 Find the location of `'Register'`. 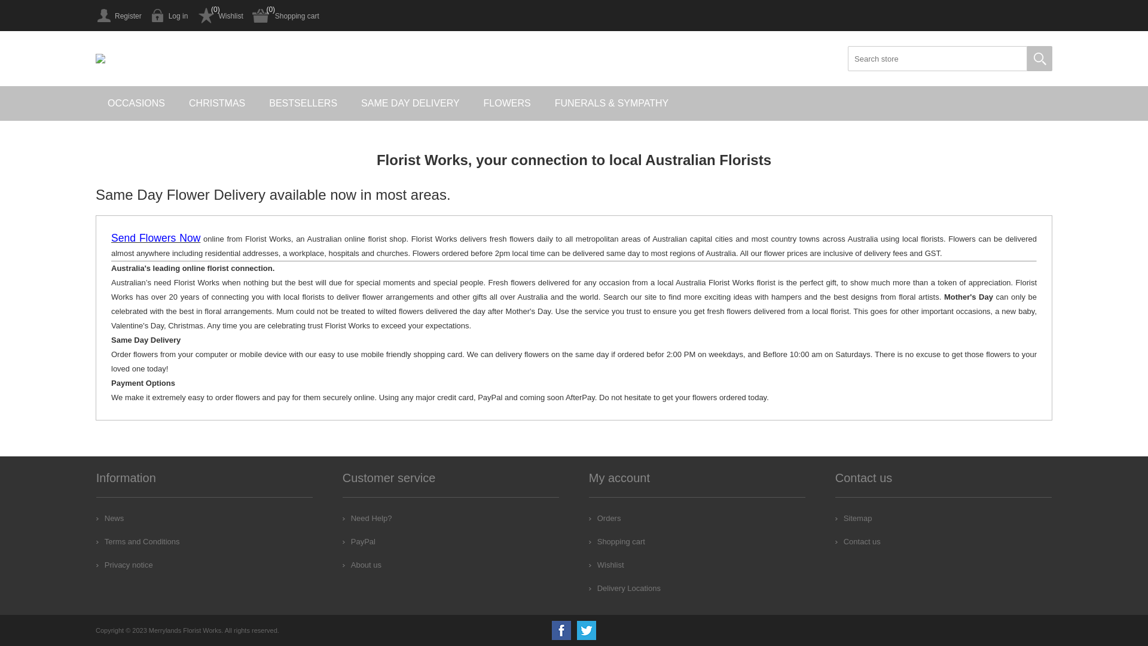

'Register' is located at coordinates (118, 16).